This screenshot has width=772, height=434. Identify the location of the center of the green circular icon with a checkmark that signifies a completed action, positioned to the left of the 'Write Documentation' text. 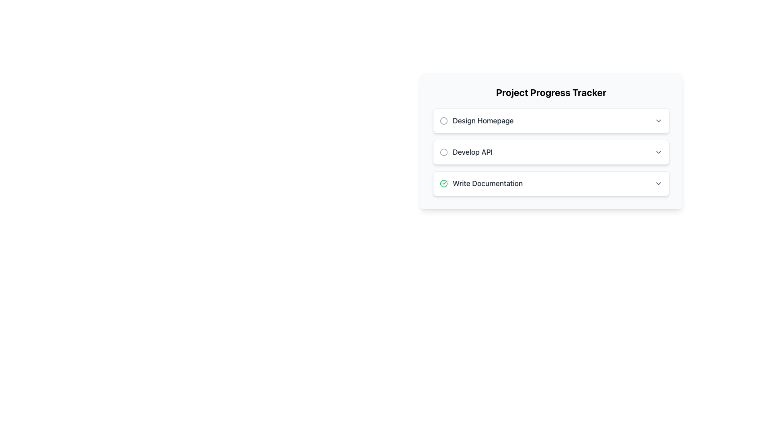
(443, 183).